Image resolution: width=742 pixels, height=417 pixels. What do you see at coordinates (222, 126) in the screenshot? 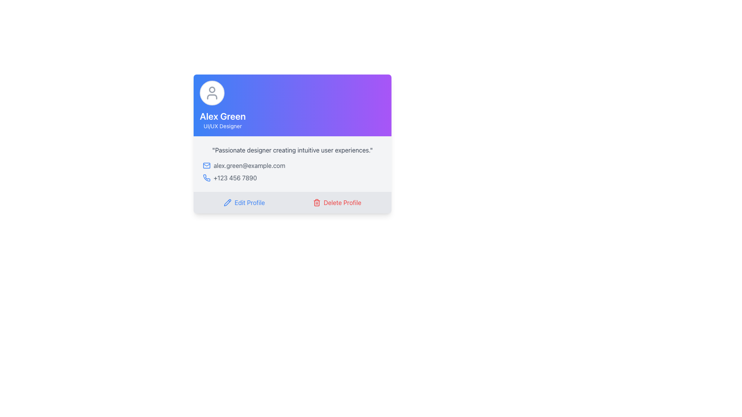
I see `text label indicating the professional title related to 'Alex Green', which is centrally aligned below the name and located in the top section of the card with a gradient background` at bounding box center [222, 126].